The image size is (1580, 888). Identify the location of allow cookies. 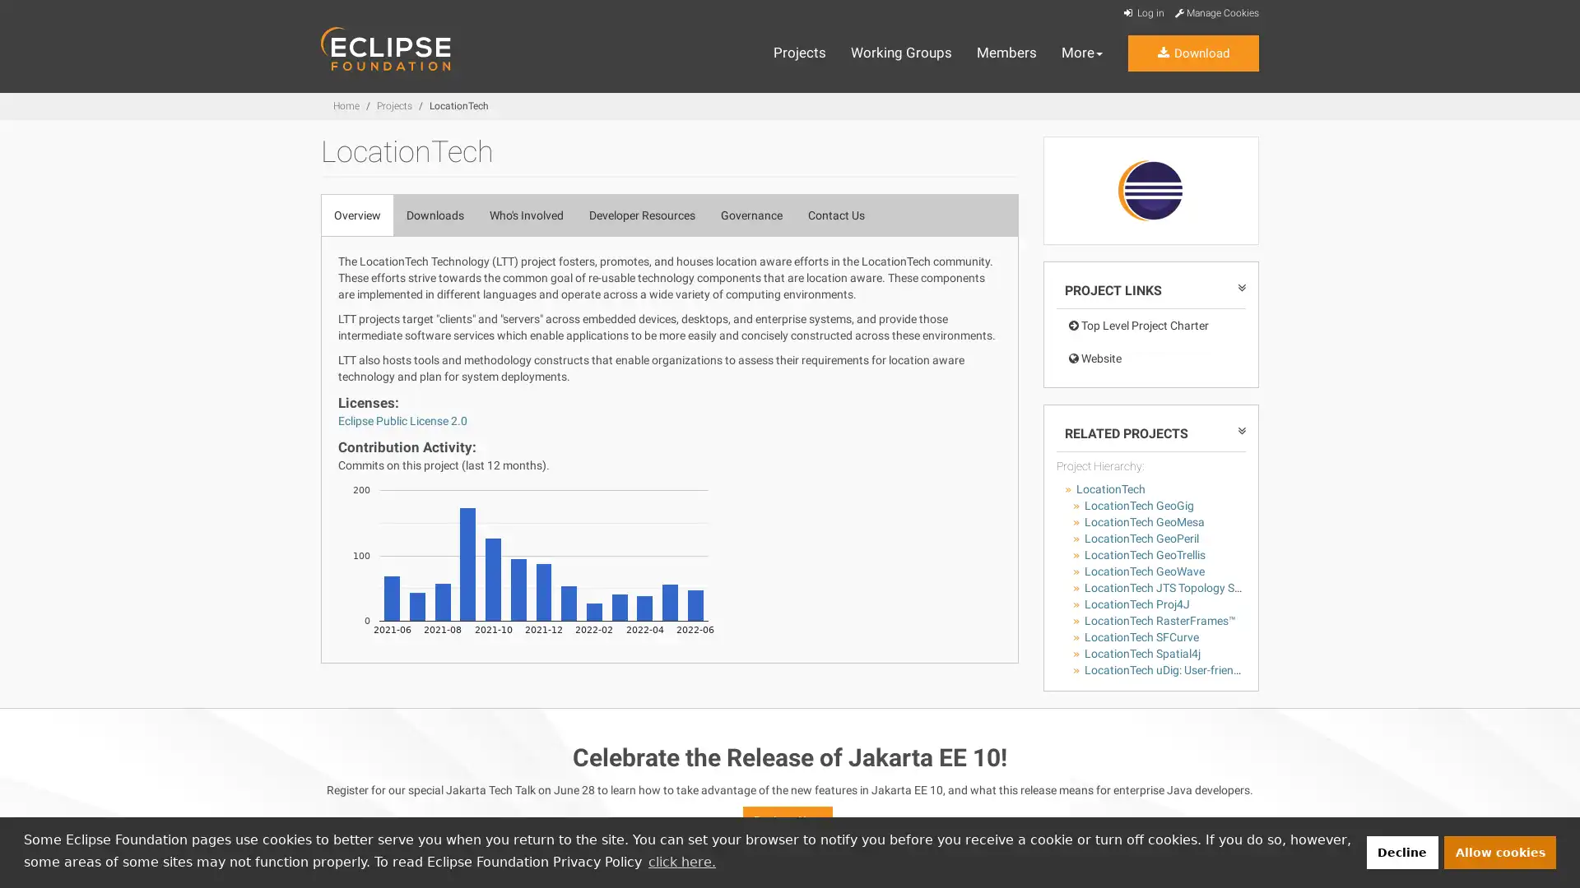
(1500, 851).